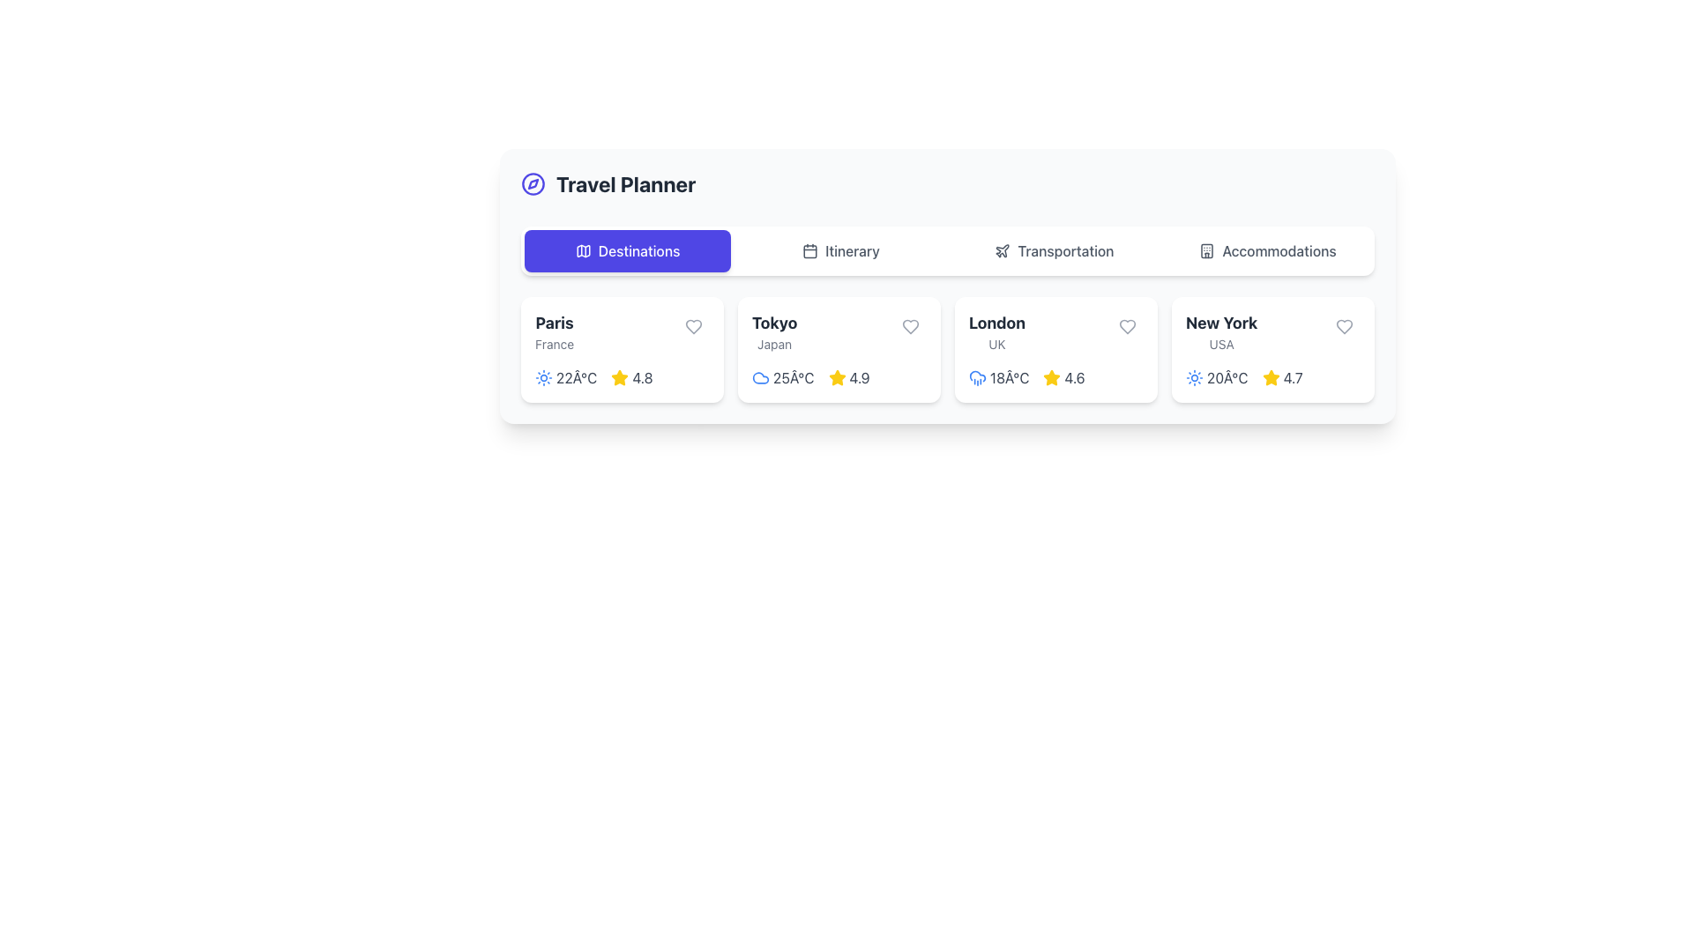  Describe the element at coordinates (774, 323) in the screenshot. I see `the static text element displaying the destination city name 'Tokyo' within the second card from the left, positioned above the text 'Japan'` at that location.